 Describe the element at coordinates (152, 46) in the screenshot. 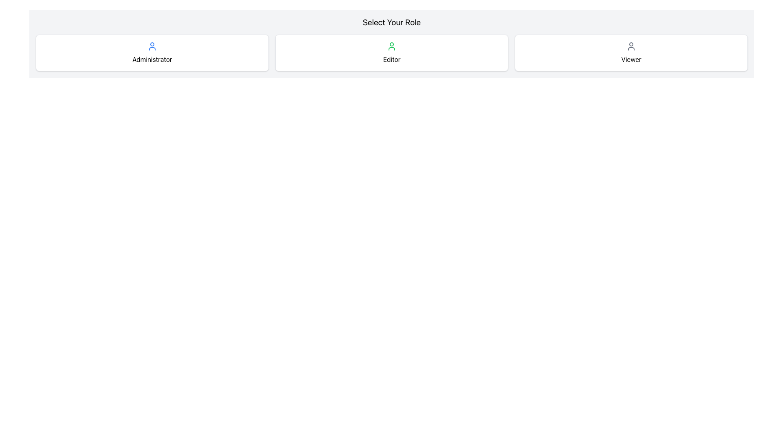

I see `the 'Administrator' role icon located in the first card of the selectable role cards, positioned at the center of the upper section above the 'Administrator' label` at that location.